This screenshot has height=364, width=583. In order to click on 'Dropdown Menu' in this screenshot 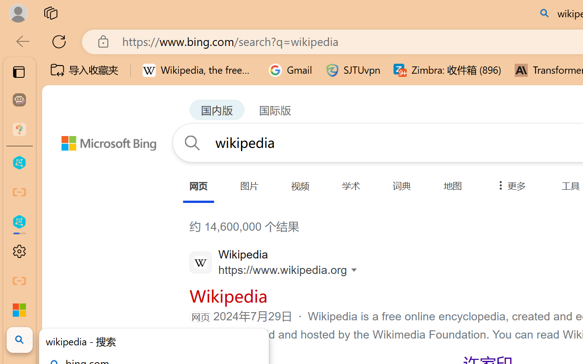, I will do `click(509, 186)`.